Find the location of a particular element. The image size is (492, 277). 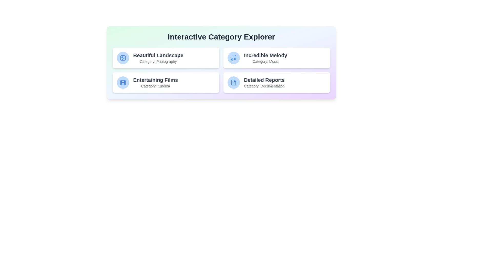

the card with the title Incredible Melody is located at coordinates (276, 58).